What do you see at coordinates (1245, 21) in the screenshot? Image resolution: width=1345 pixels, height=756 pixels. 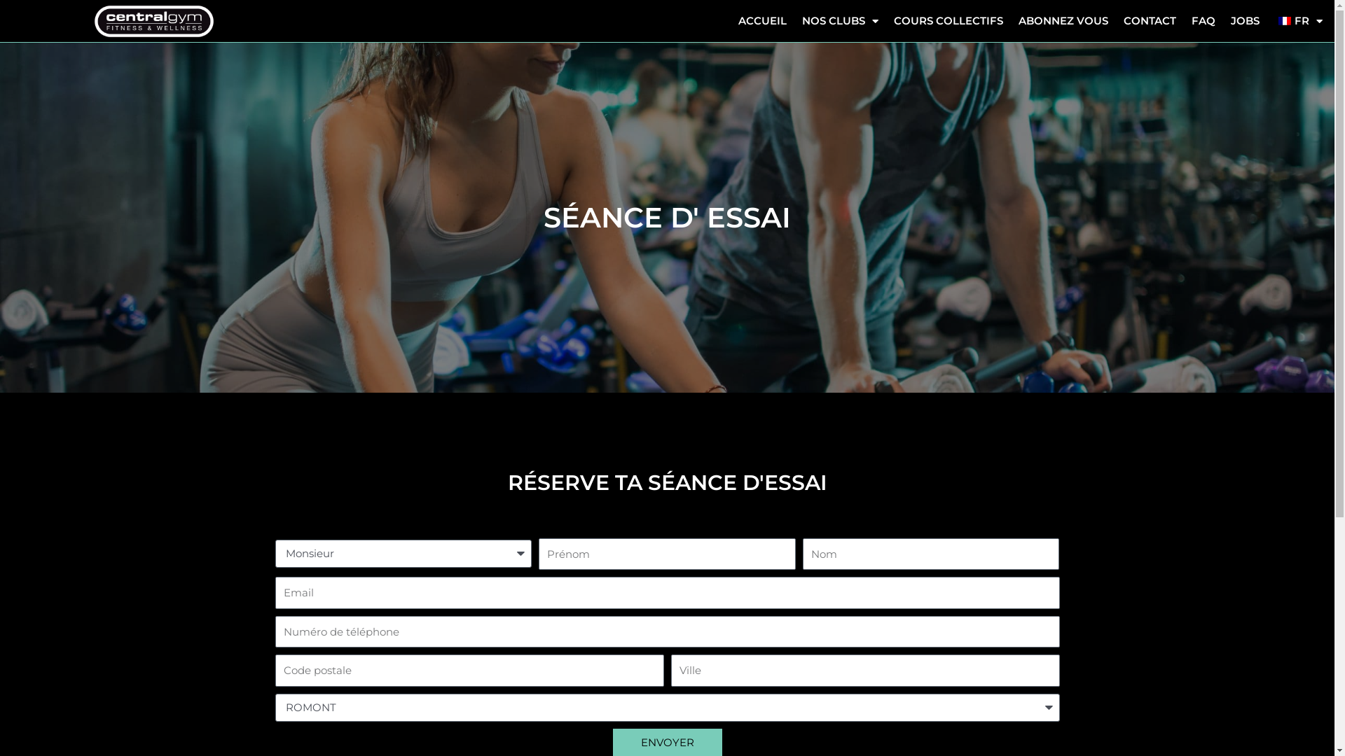 I see `'JOBS'` at bounding box center [1245, 21].